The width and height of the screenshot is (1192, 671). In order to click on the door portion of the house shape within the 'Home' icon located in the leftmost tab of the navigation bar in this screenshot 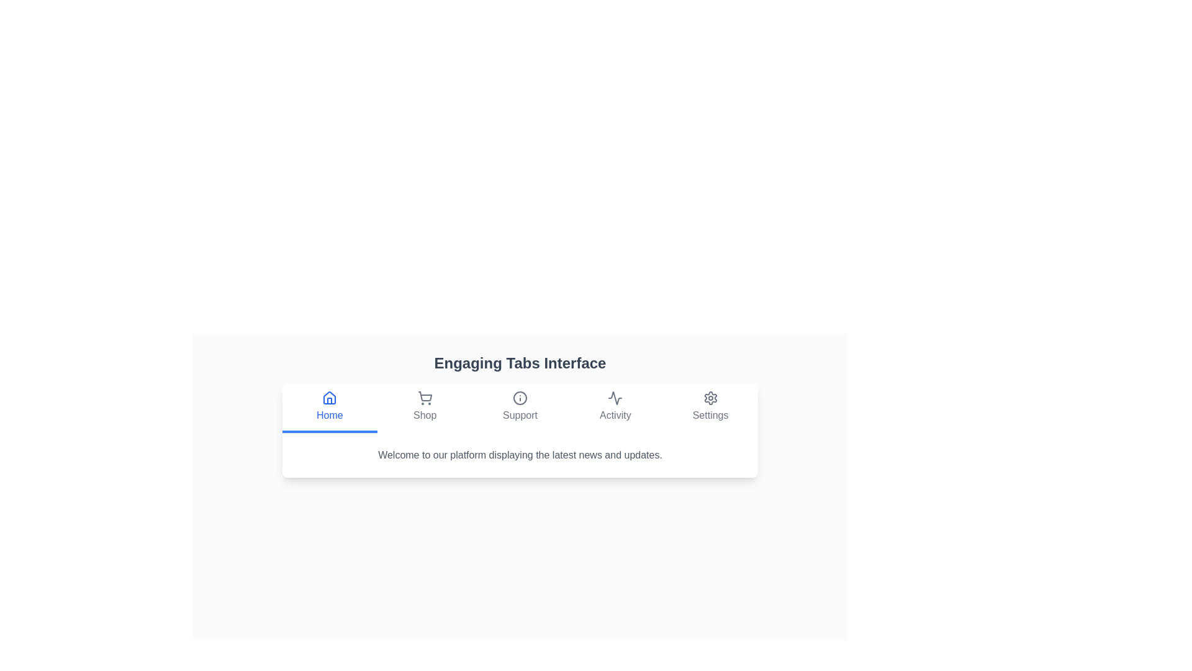, I will do `click(330, 401)`.